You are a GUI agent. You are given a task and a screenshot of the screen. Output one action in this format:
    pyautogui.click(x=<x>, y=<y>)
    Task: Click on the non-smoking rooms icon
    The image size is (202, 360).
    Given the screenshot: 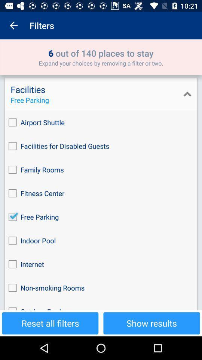 What is the action you would take?
    pyautogui.click(x=101, y=287)
    